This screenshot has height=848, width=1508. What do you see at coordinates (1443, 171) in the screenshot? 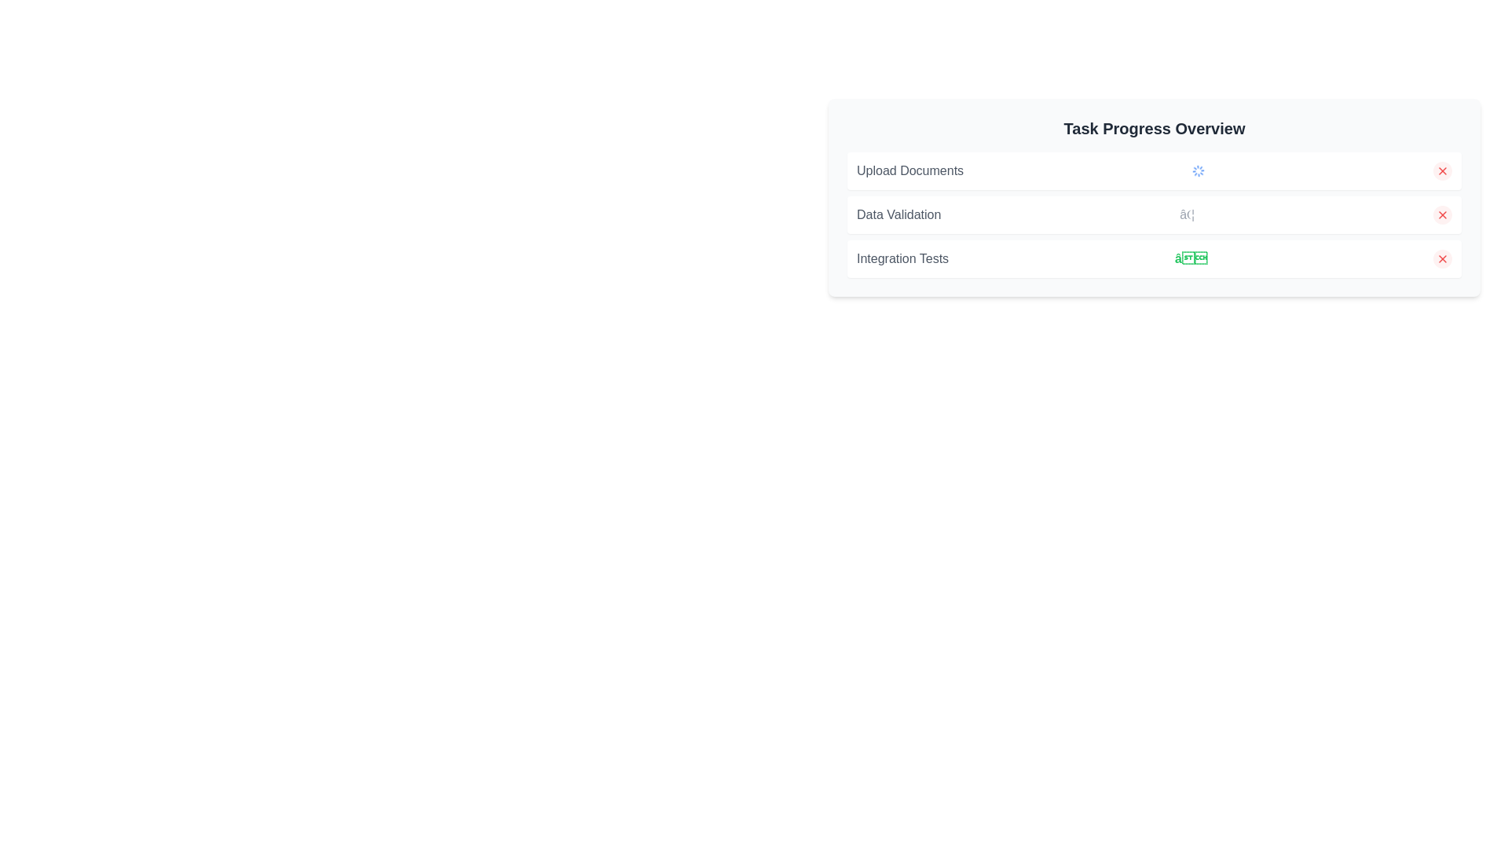
I see `the Close or Dismiss icon button located on the far-right side of the status indicator in the 'Task Progress Overview' panel for keyboard accessibility` at bounding box center [1443, 171].